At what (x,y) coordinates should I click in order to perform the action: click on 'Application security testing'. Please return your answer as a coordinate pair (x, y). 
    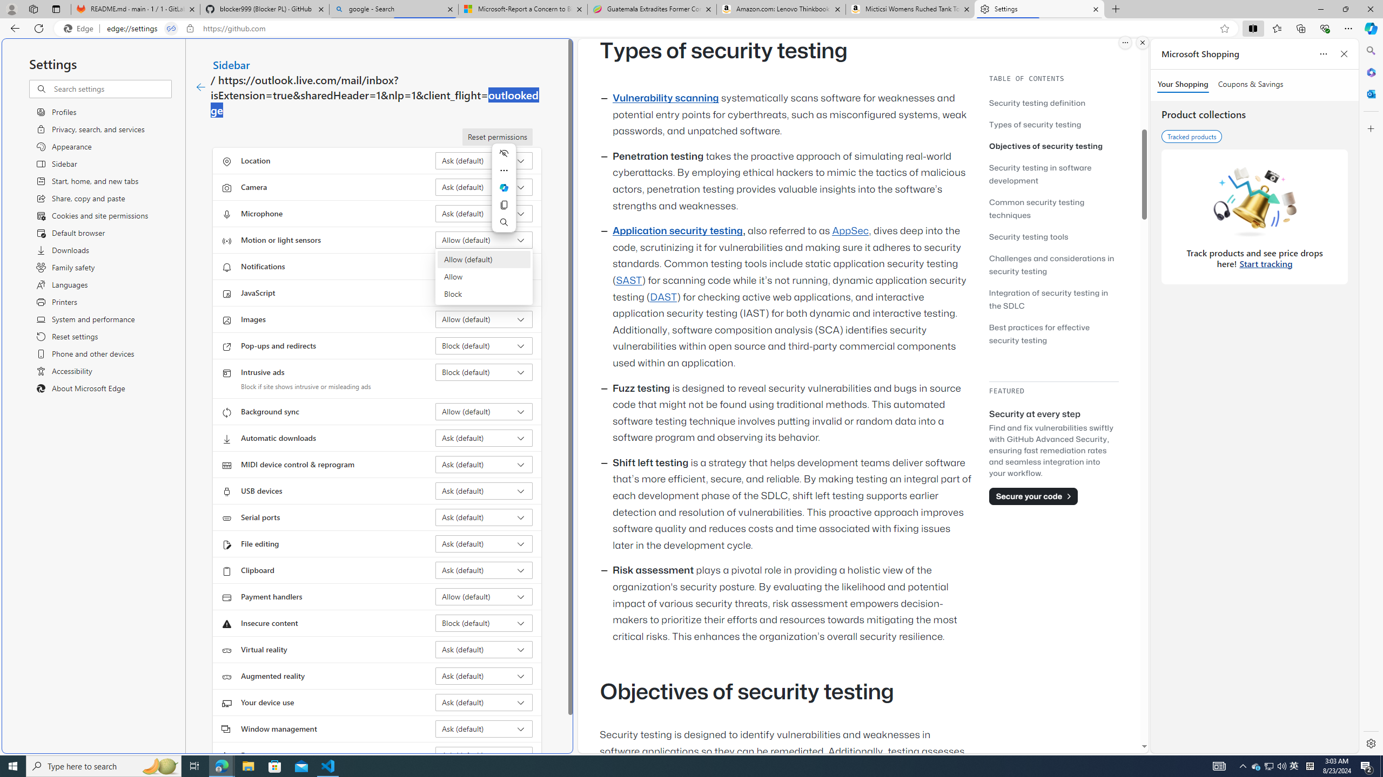
    Looking at the image, I should click on (677, 231).